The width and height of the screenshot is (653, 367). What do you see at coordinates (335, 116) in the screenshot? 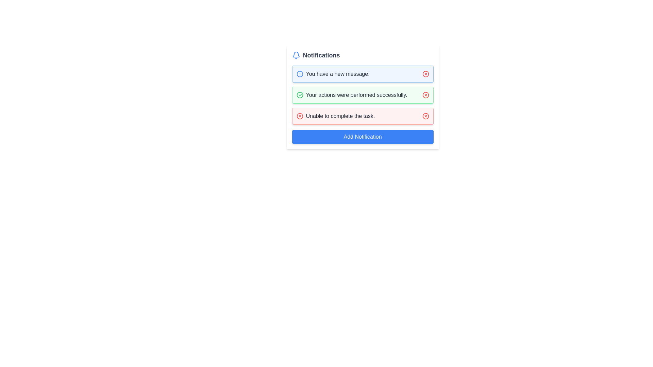
I see `notification message that has a red background and displays the text 'Unable to complete the task.'` at bounding box center [335, 116].